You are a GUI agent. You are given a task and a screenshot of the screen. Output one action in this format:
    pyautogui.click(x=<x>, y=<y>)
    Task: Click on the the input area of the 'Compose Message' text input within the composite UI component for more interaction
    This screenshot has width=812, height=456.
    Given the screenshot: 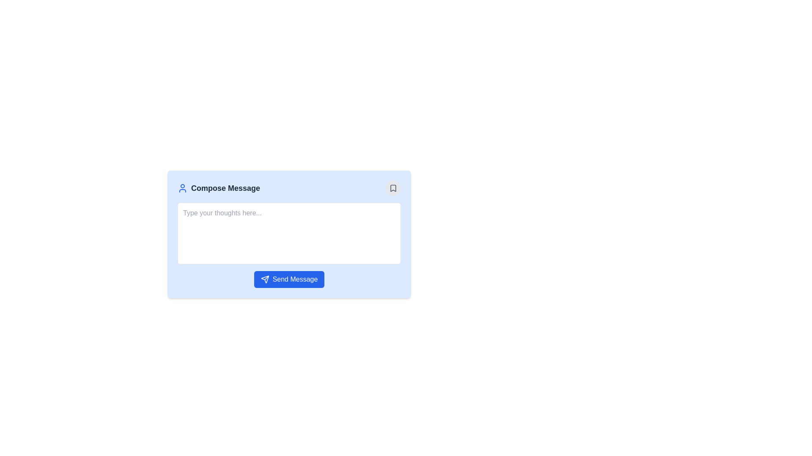 What is the action you would take?
    pyautogui.click(x=309, y=240)
    